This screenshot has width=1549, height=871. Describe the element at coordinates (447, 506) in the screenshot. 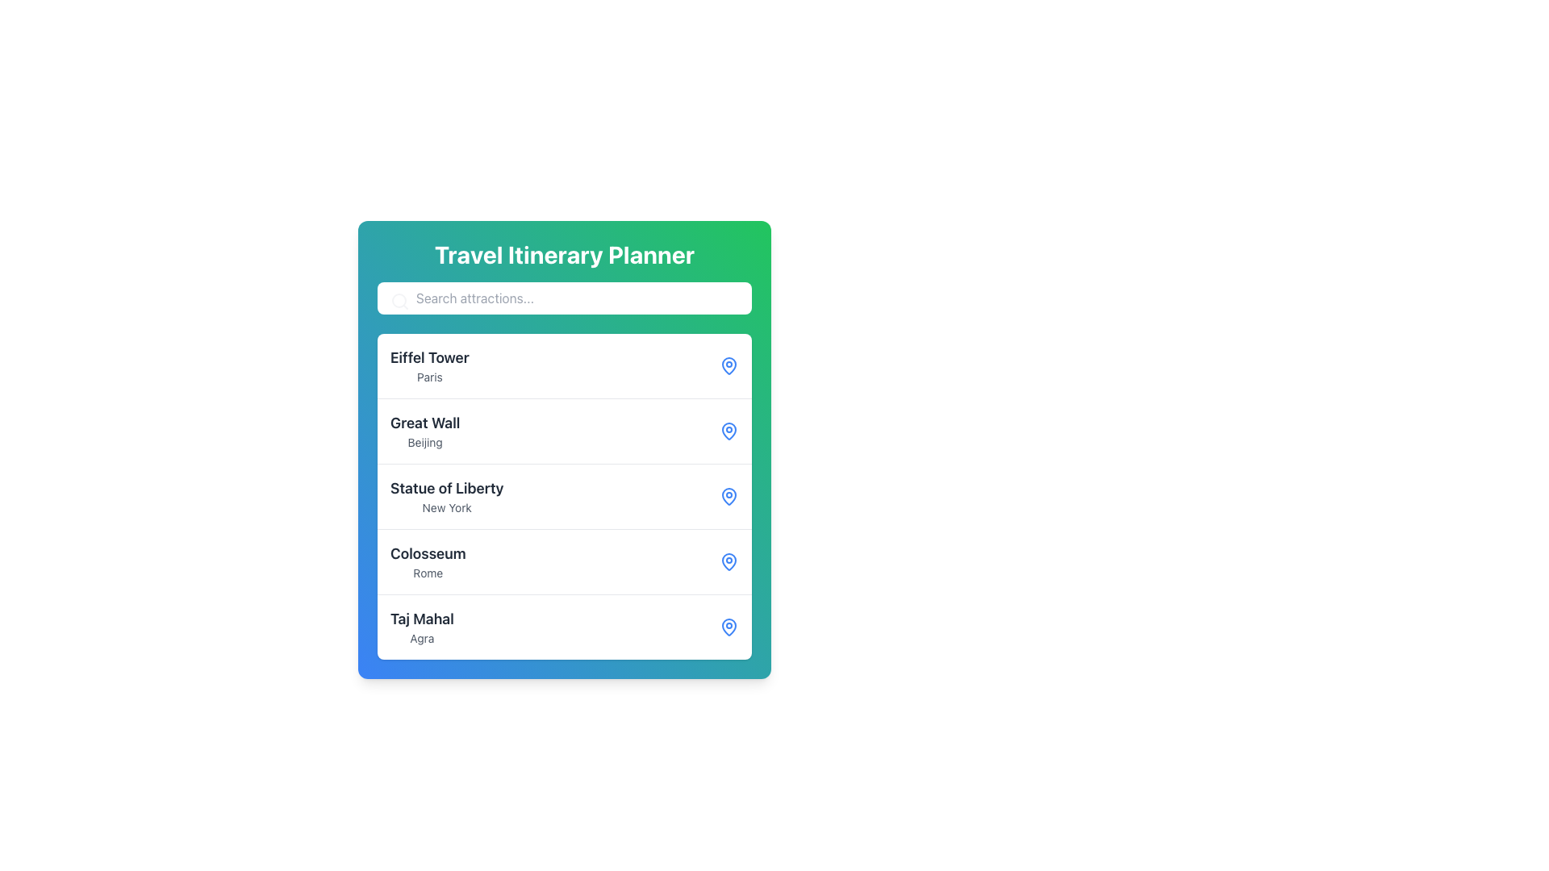

I see `the subtitle text element that provides contextual information ('New York') about the title ('Statue of Liberty')` at that location.